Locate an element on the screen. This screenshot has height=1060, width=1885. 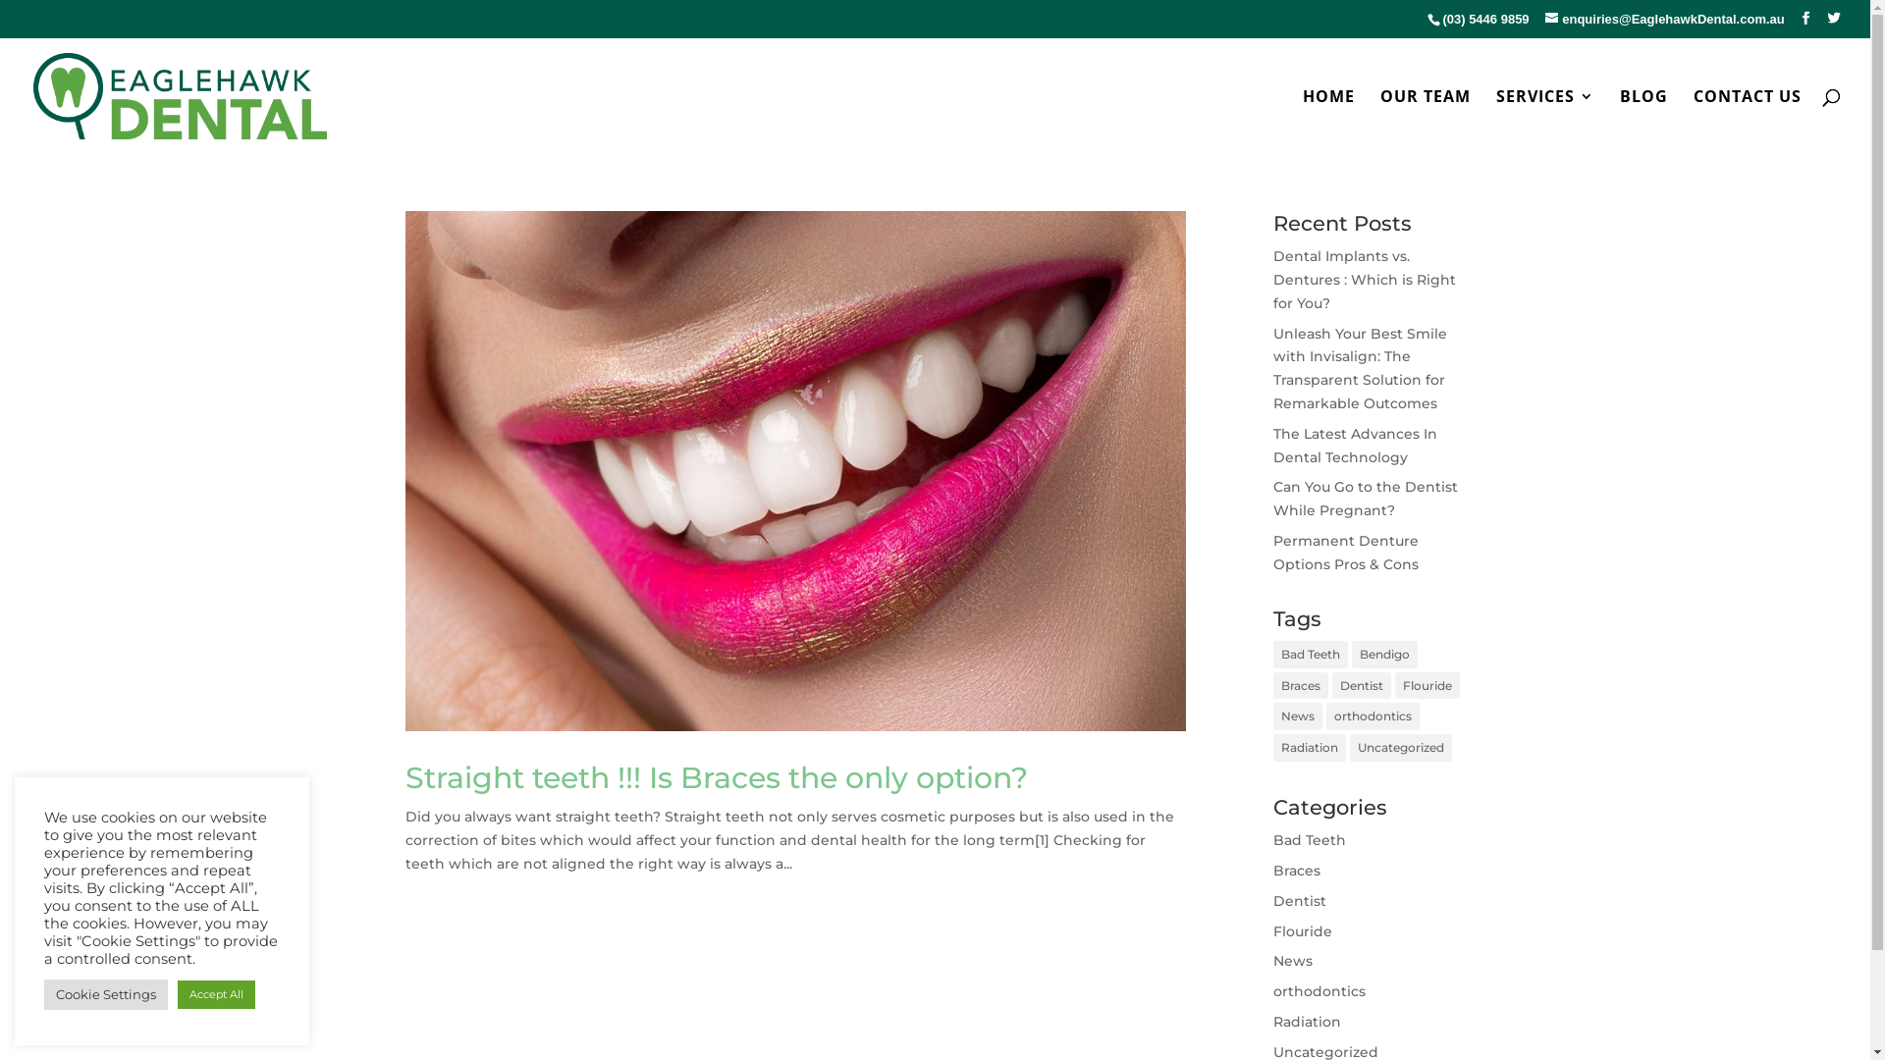
'Radiation' is located at coordinates (1307, 1021).